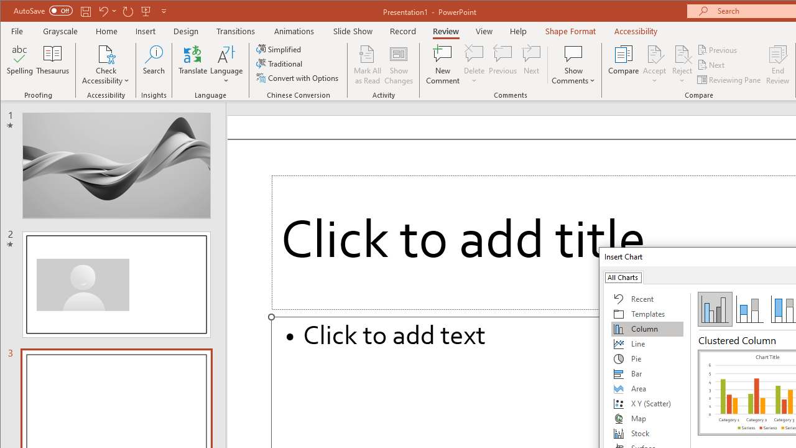 The width and height of the screenshot is (796, 448). I want to click on 'X Y (Scatter)', so click(647, 404).